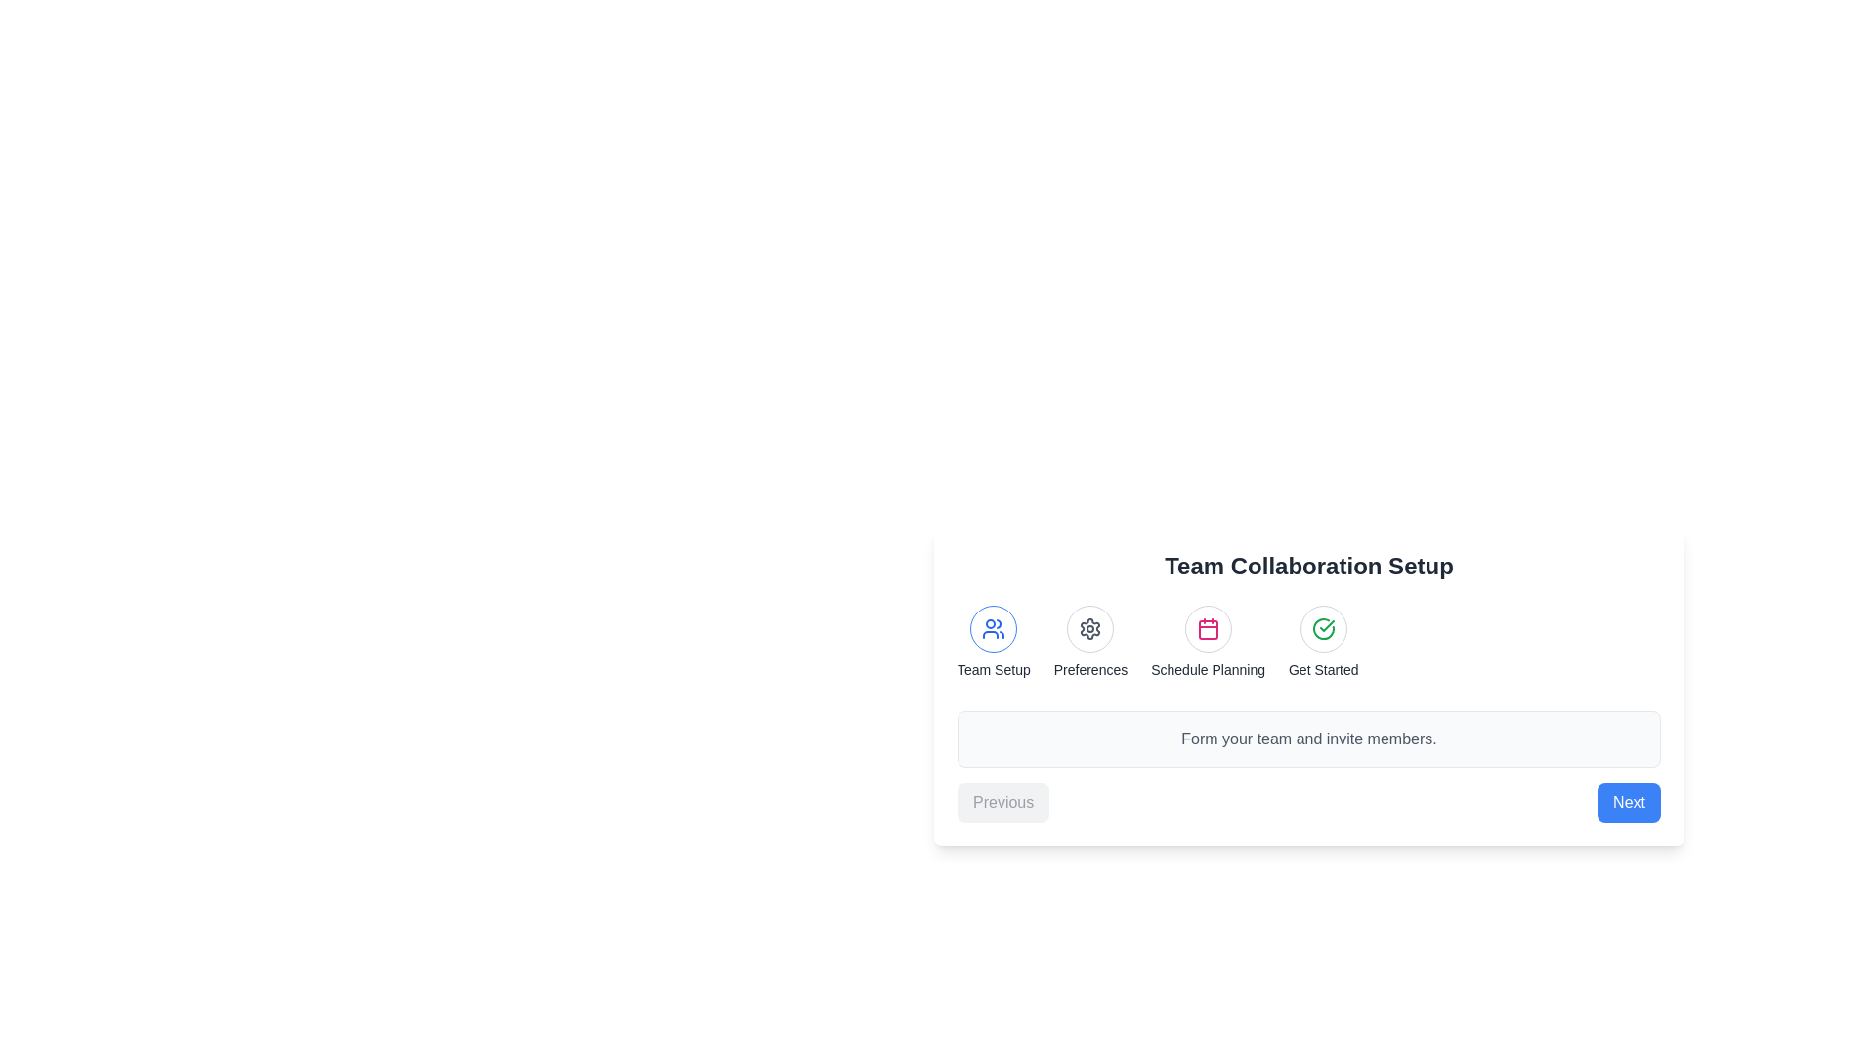 The height and width of the screenshot is (1055, 1876). Describe the element at coordinates (1629, 802) in the screenshot. I see `the 'Next' button, which is a rectangular button with a medium blue background and white font, located at the bottom right of the card interface` at that location.